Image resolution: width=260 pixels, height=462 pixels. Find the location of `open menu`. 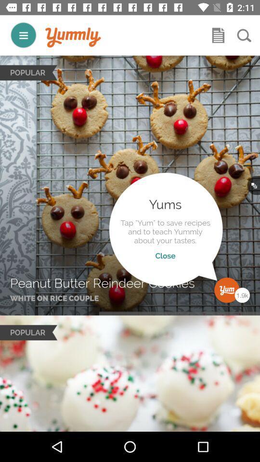

open menu is located at coordinates (218, 35).